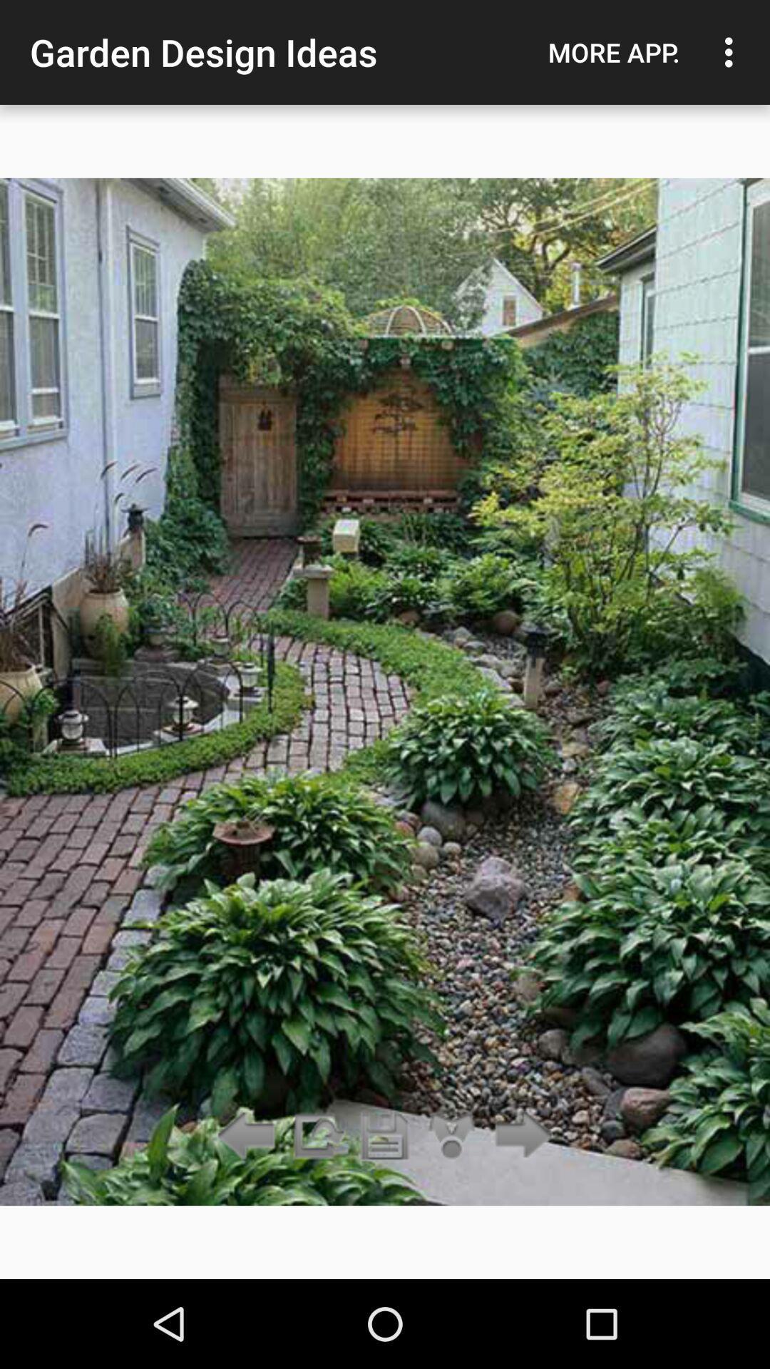 The height and width of the screenshot is (1369, 770). Describe the element at coordinates (520, 1136) in the screenshot. I see `the icon at the bottom right corner` at that location.